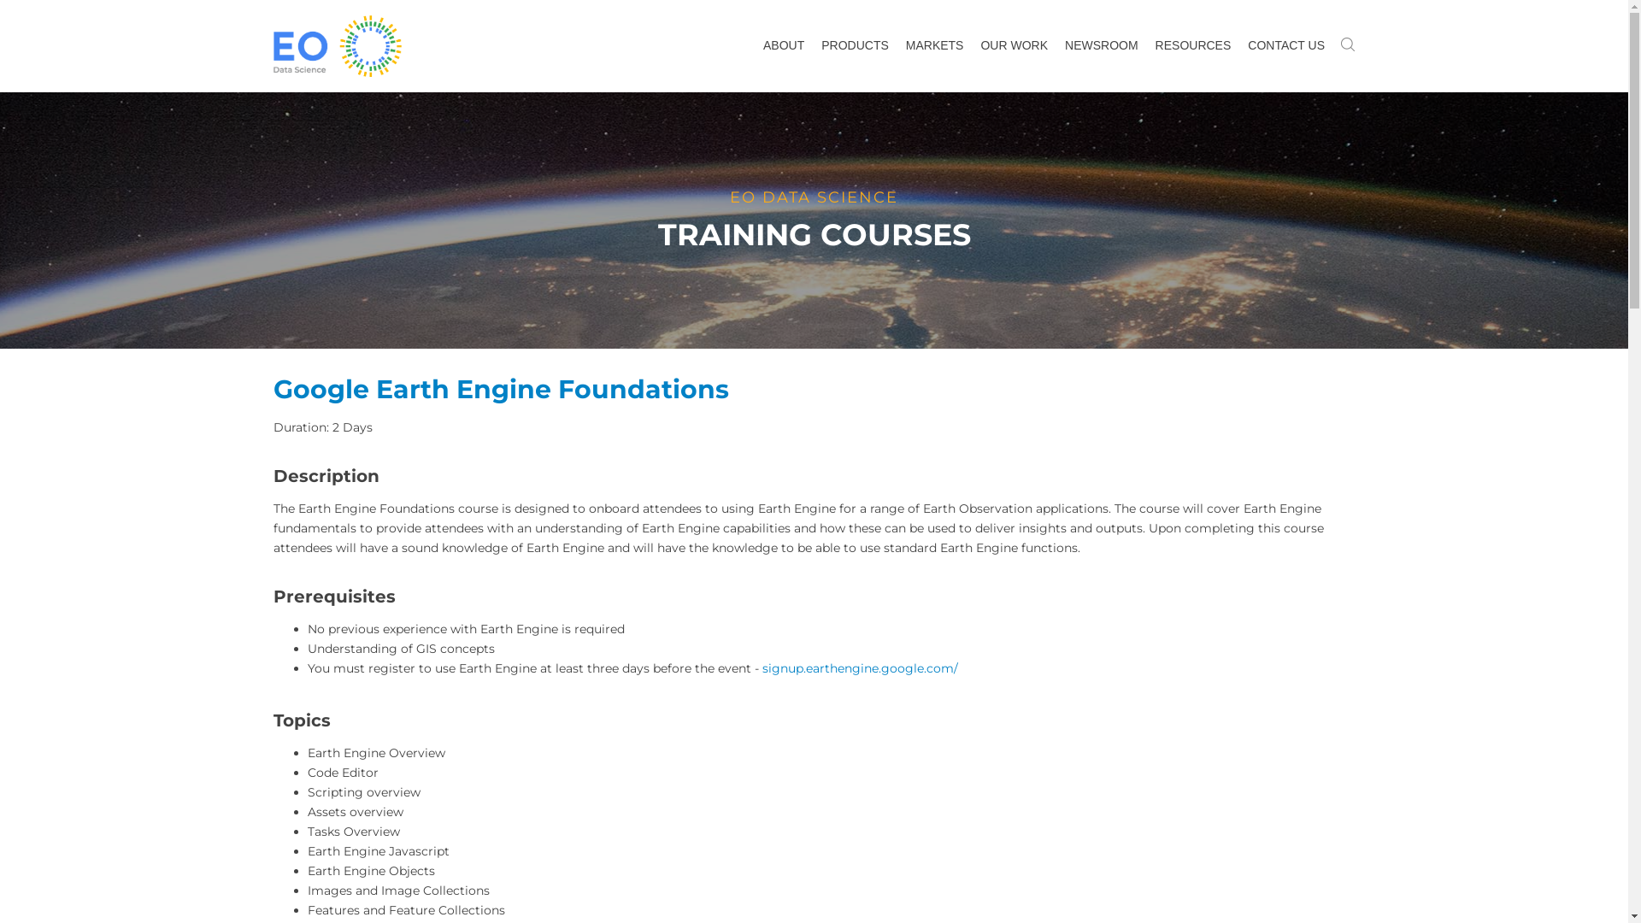 This screenshot has width=1641, height=923. I want to click on 'NEWSROOM', so click(1102, 44).